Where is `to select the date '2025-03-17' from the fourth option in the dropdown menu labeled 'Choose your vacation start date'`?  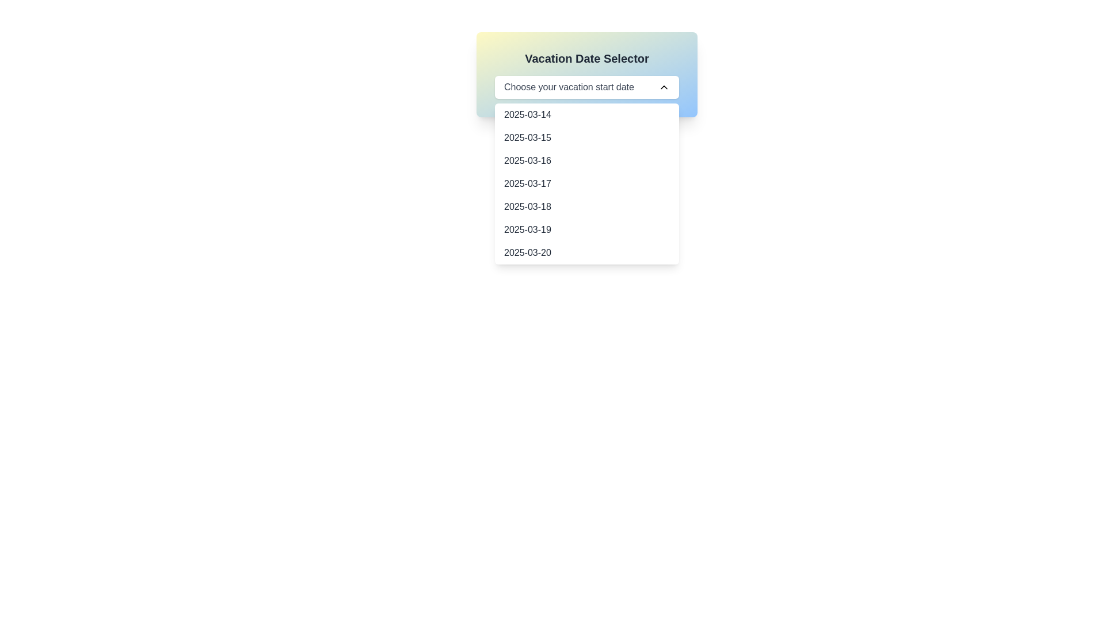
to select the date '2025-03-17' from the fourth option in the dropdown menu labeled 'Choose your vacation start date' is located at coordinates (527, 183).